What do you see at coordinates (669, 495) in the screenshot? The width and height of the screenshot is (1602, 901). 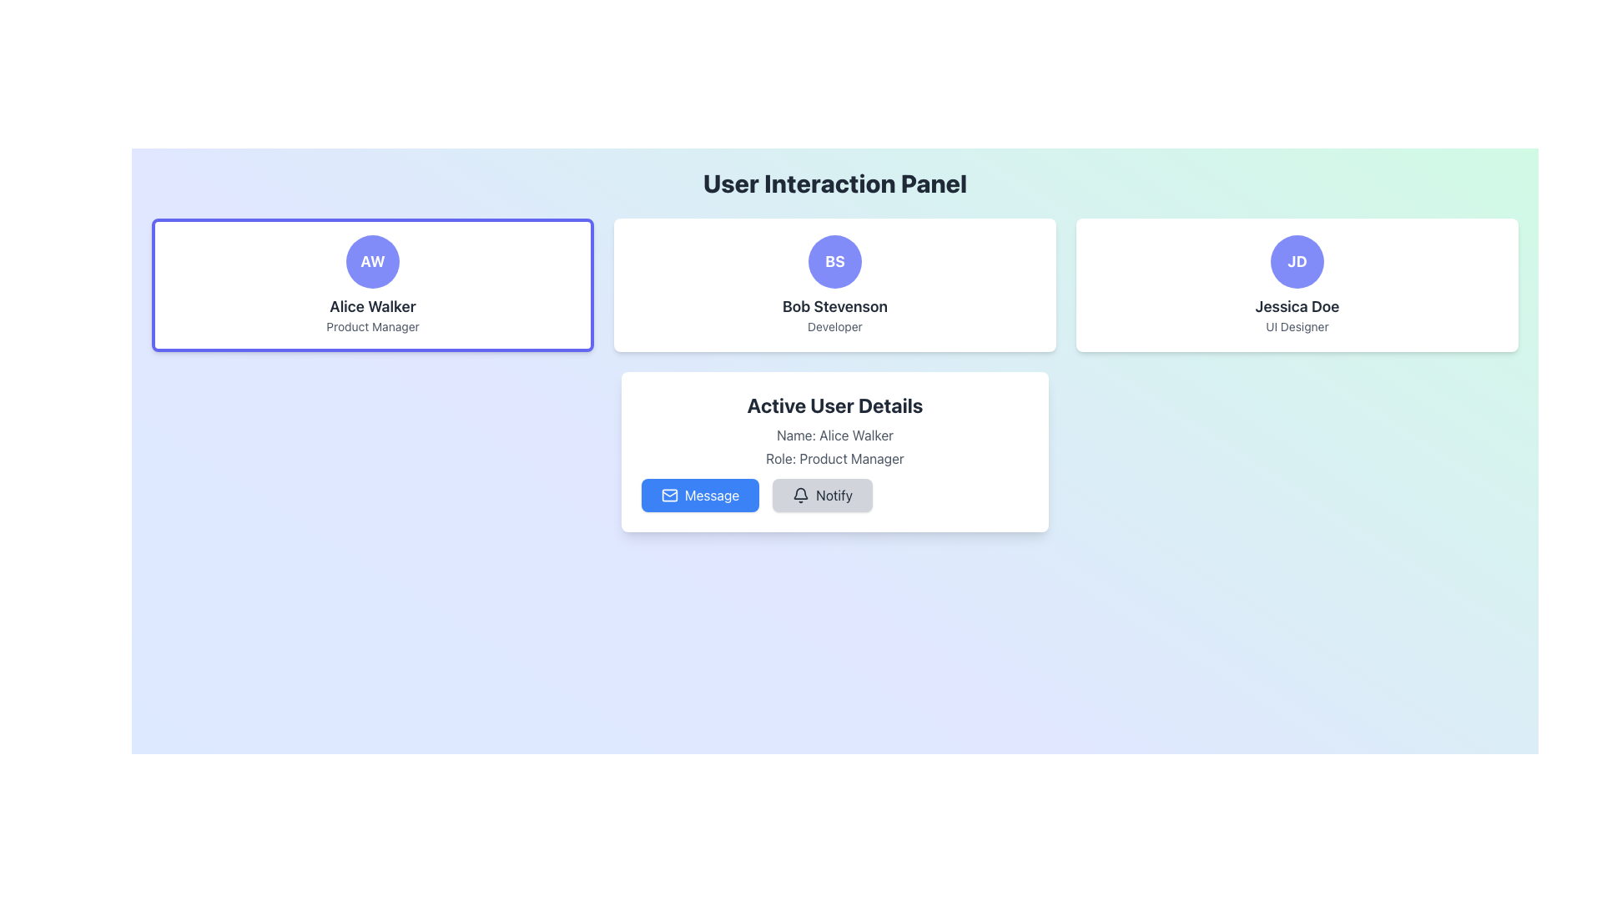 I see `the decorative mail icon located to the left of the 'Message' text within the blue 'Message' button in the Active User Details section` at bounding box center [669, 495].